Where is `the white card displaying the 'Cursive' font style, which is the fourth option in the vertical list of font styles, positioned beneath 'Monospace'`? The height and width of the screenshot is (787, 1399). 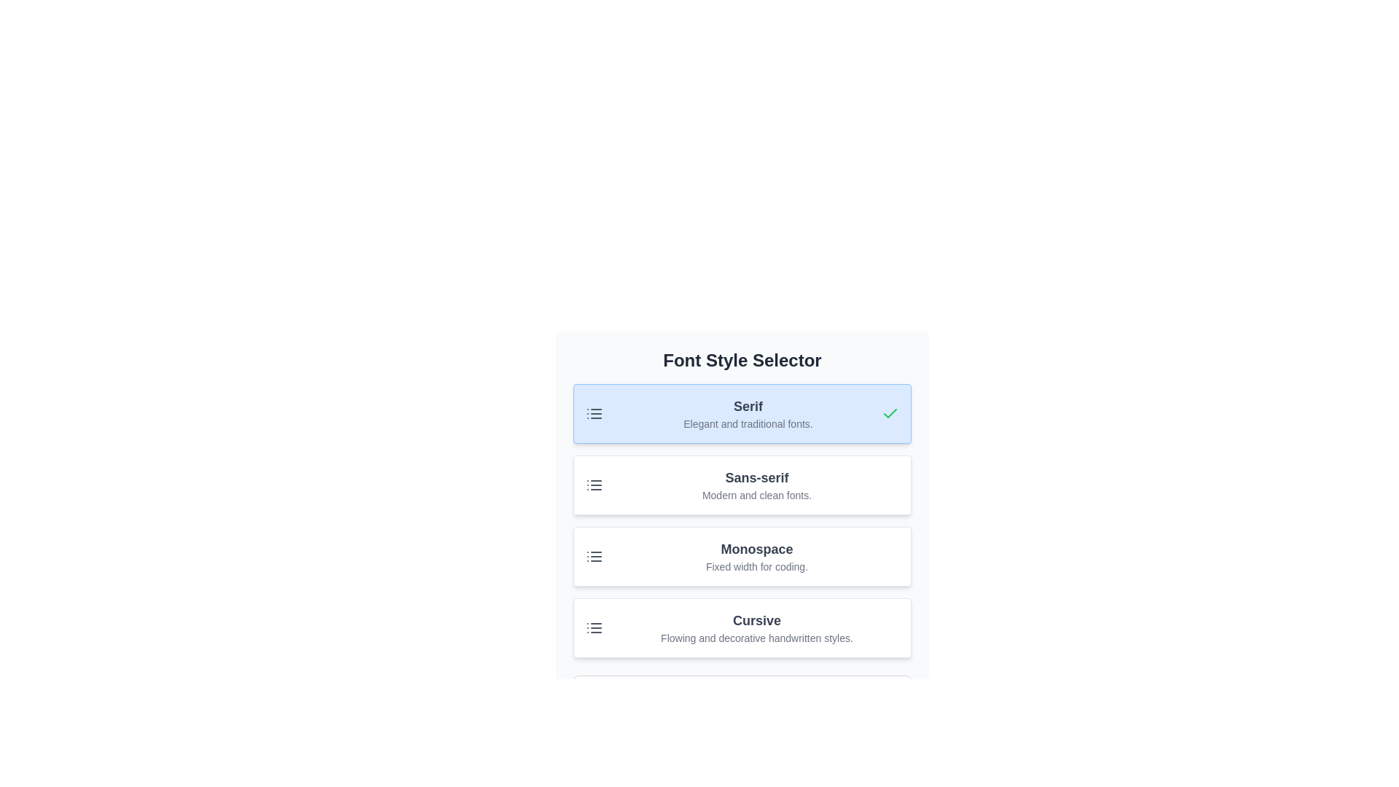 the white card displaying the 'Cursive' font style, which is the fourth option in the vertical list of font styles, positioned beneath 'Monospace' is located at coordinates (756, 627).